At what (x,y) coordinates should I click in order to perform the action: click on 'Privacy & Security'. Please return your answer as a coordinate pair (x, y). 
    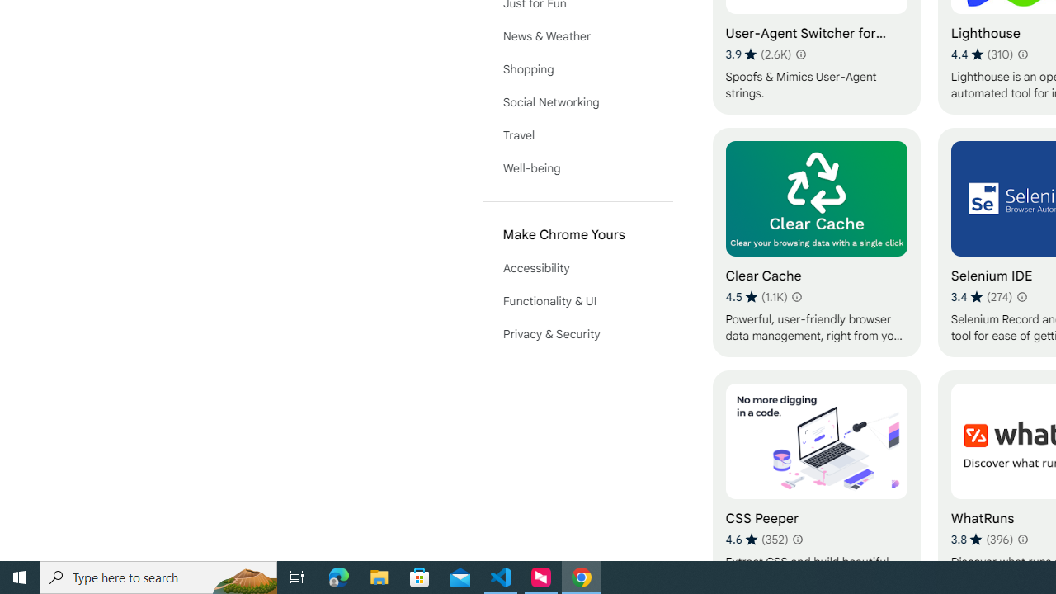
    Looking at the image, I should click on (577, 334).